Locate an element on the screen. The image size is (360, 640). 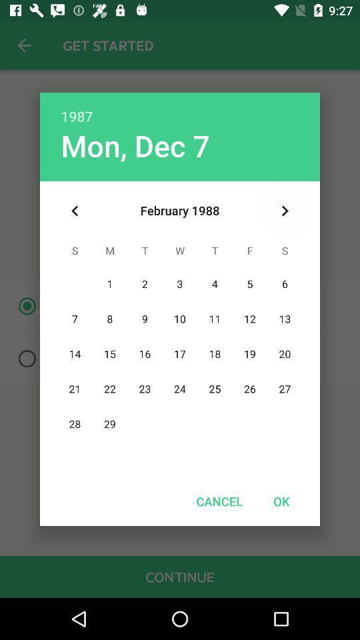
icon below mon, dec 7 is located at coordinates (75, 211).